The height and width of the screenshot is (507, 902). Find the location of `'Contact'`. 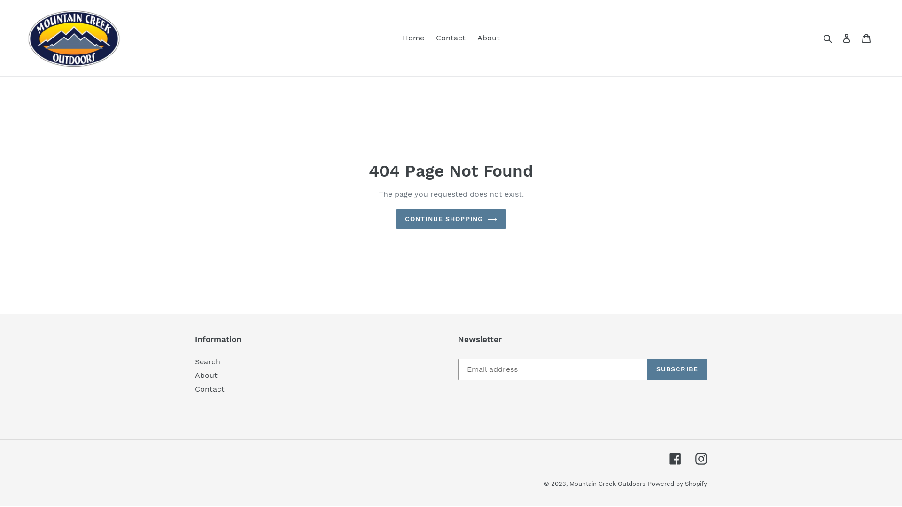

'Contact' is located at coordinates (209, 389).